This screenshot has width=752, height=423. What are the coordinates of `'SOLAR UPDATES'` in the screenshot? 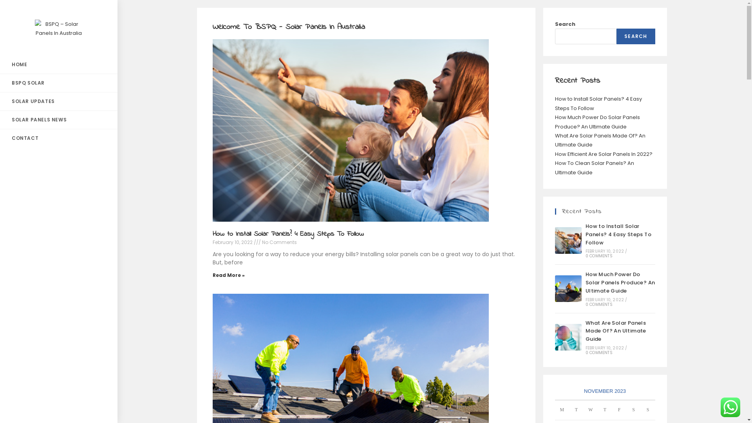 It's located at (58, 101).